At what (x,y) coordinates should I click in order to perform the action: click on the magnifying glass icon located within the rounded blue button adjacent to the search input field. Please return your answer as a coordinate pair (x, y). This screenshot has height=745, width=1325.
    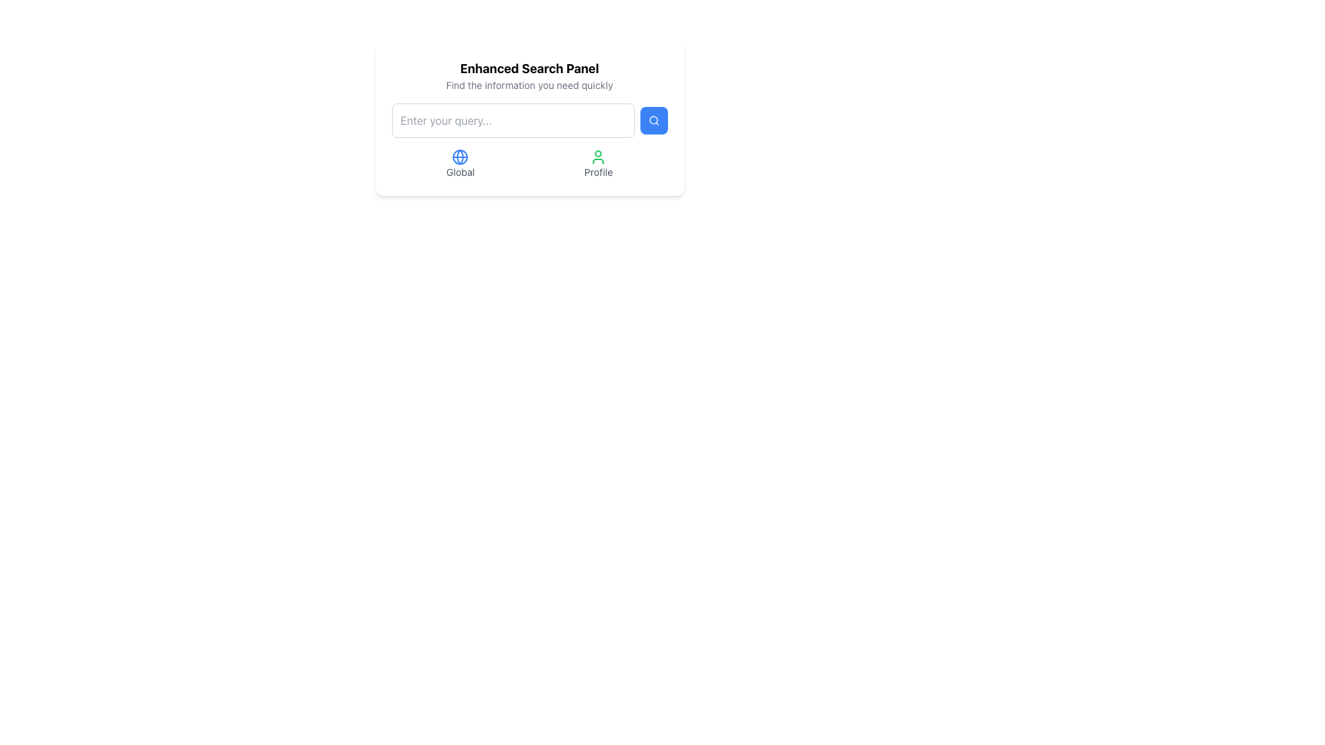
    Looking at the image, I should click on (653, 119).